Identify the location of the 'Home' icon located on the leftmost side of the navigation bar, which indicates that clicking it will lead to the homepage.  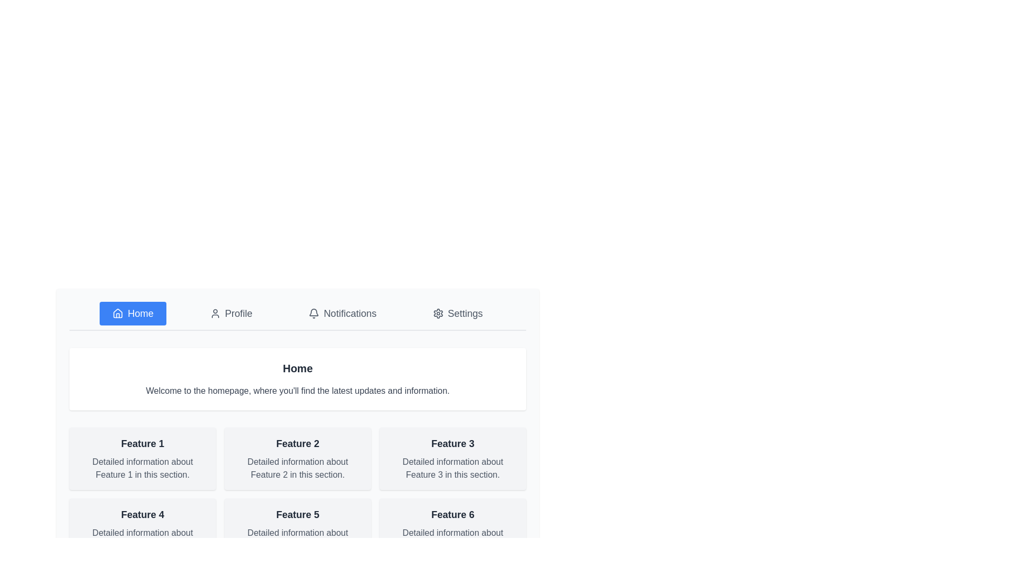
(118, 313).